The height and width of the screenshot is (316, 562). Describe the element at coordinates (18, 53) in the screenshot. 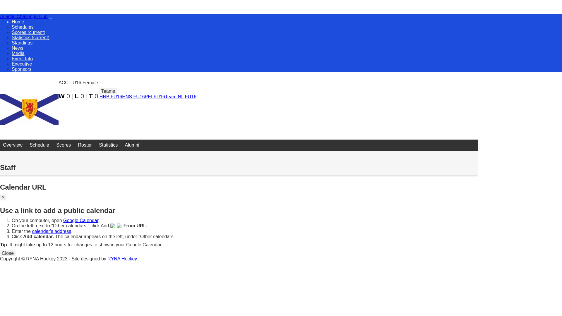

I see `'Media'` at that location.